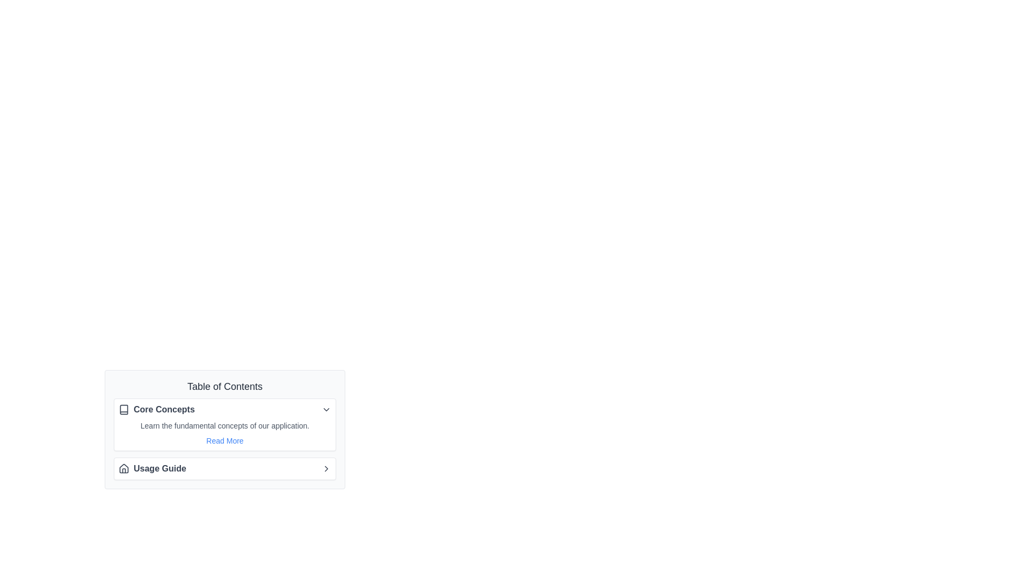  What do you see at coordinates (124, 410) in the screenshot?
I see `the SVG icon representing a book that is located to the left of the 'Core Concepts' label` at bounding box center [124, 410].